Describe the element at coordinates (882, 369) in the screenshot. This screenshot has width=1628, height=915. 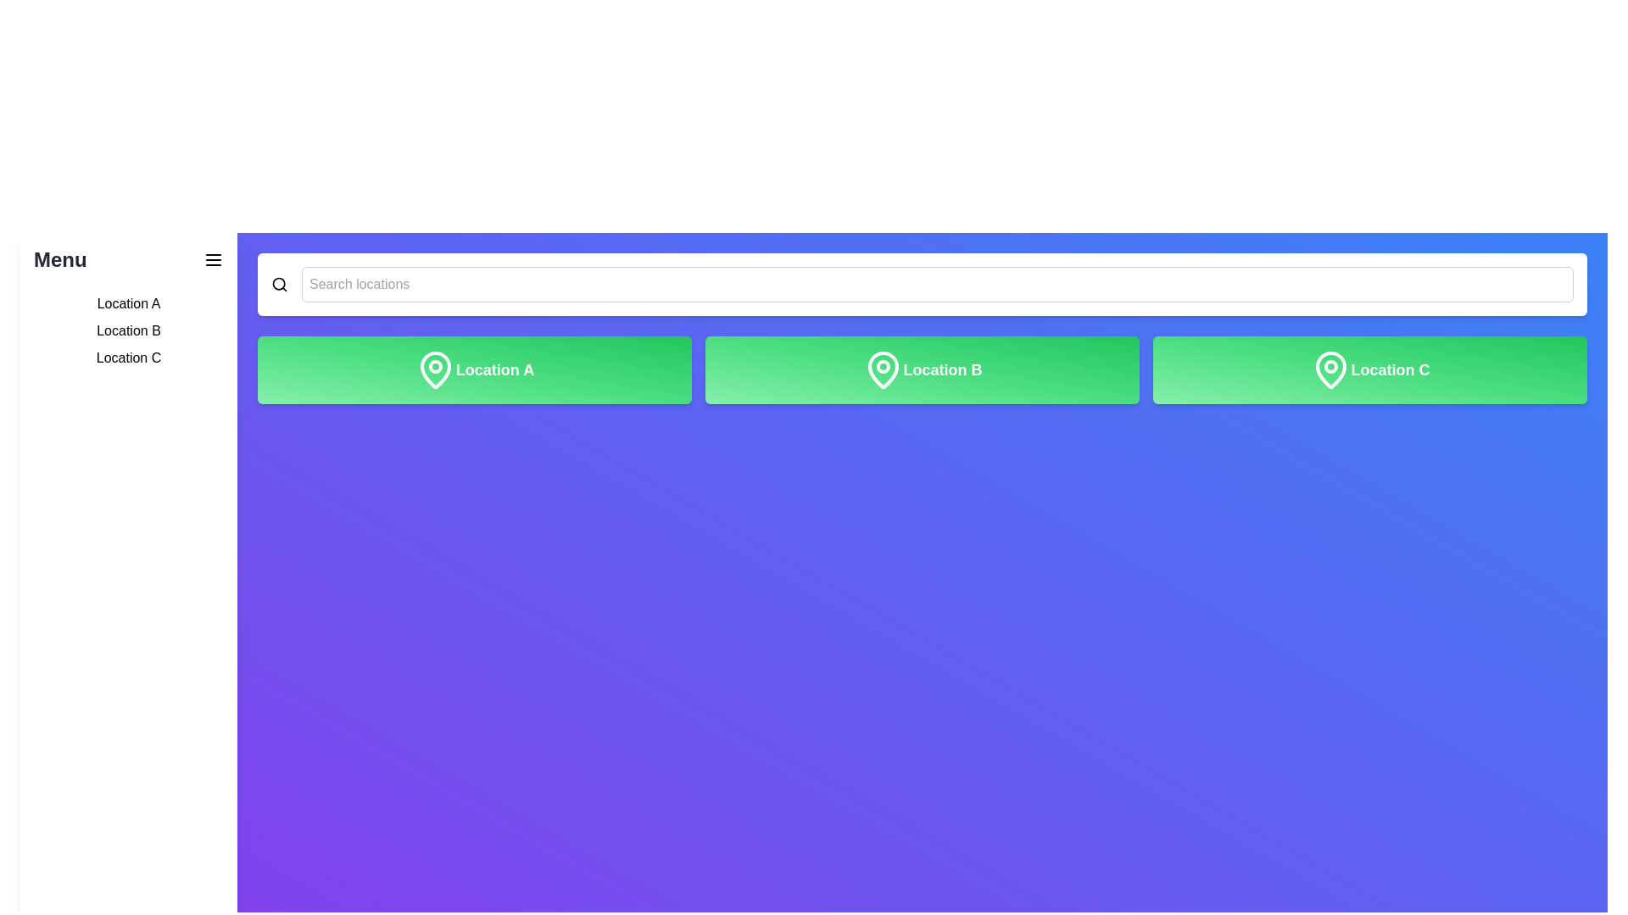
I see `the 'Location B' button that contains the green map pin icon with a hollow center, which is the middle button among three horizontally aligned selections` at that location.